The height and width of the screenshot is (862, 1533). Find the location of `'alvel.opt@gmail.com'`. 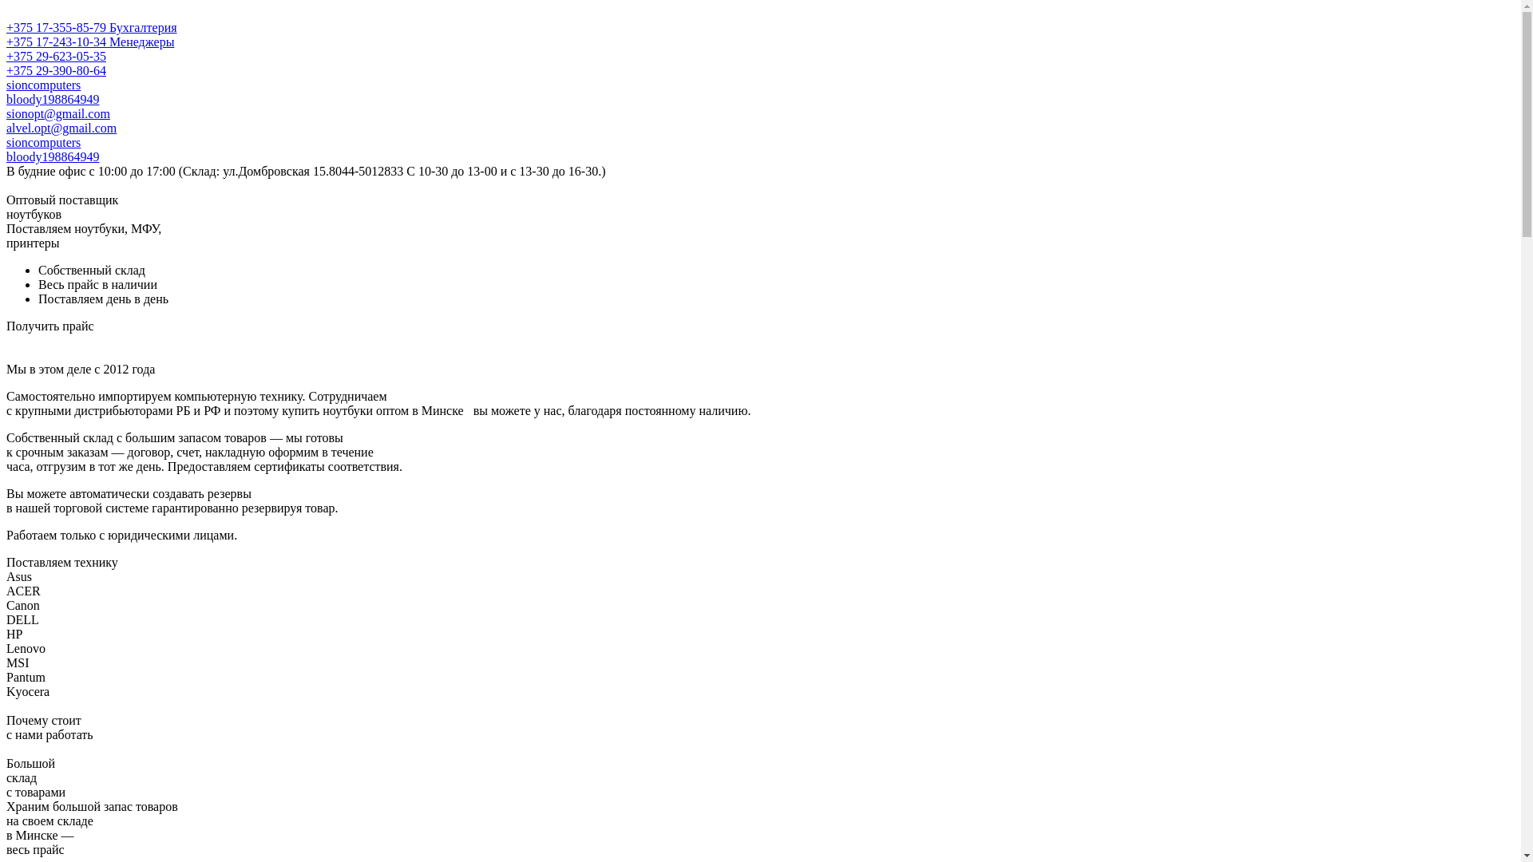

'alvel.opt@gmail.com' is located at coordinates (61, 127).